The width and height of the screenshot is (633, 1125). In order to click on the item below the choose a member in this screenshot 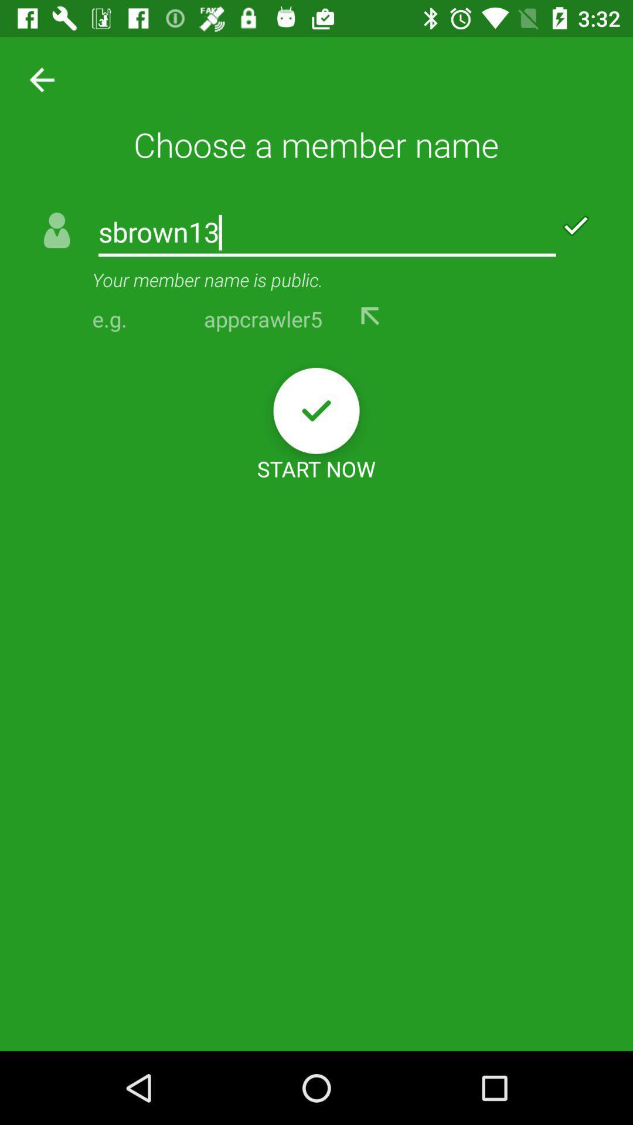, I will do `click(327, 233)`.